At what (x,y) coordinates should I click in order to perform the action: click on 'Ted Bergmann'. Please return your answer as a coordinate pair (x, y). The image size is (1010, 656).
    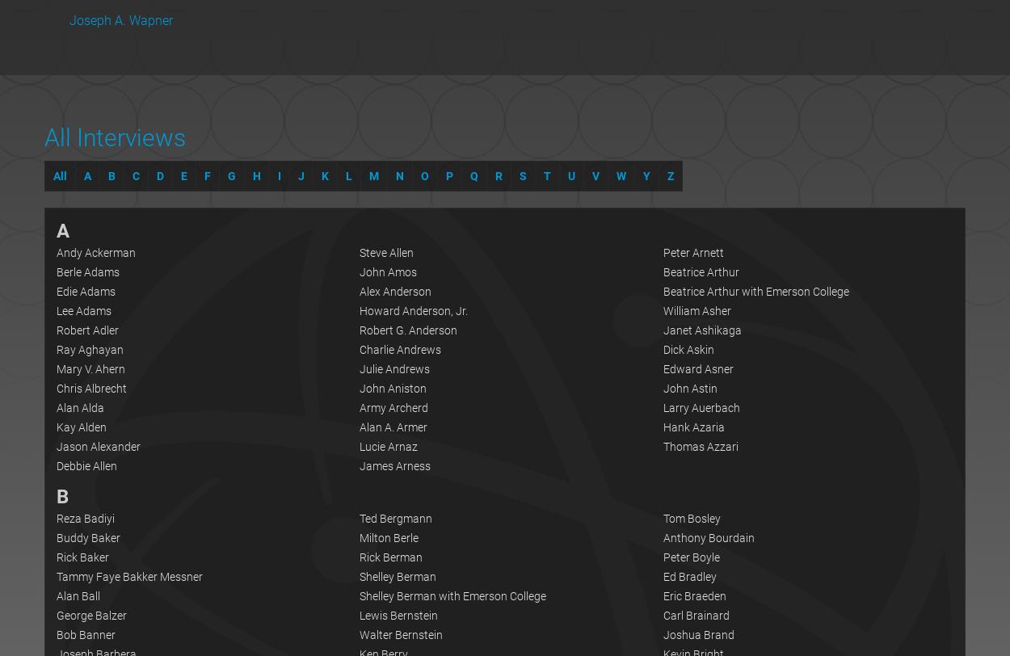
    Looking at the image, I should click on (395, 517).